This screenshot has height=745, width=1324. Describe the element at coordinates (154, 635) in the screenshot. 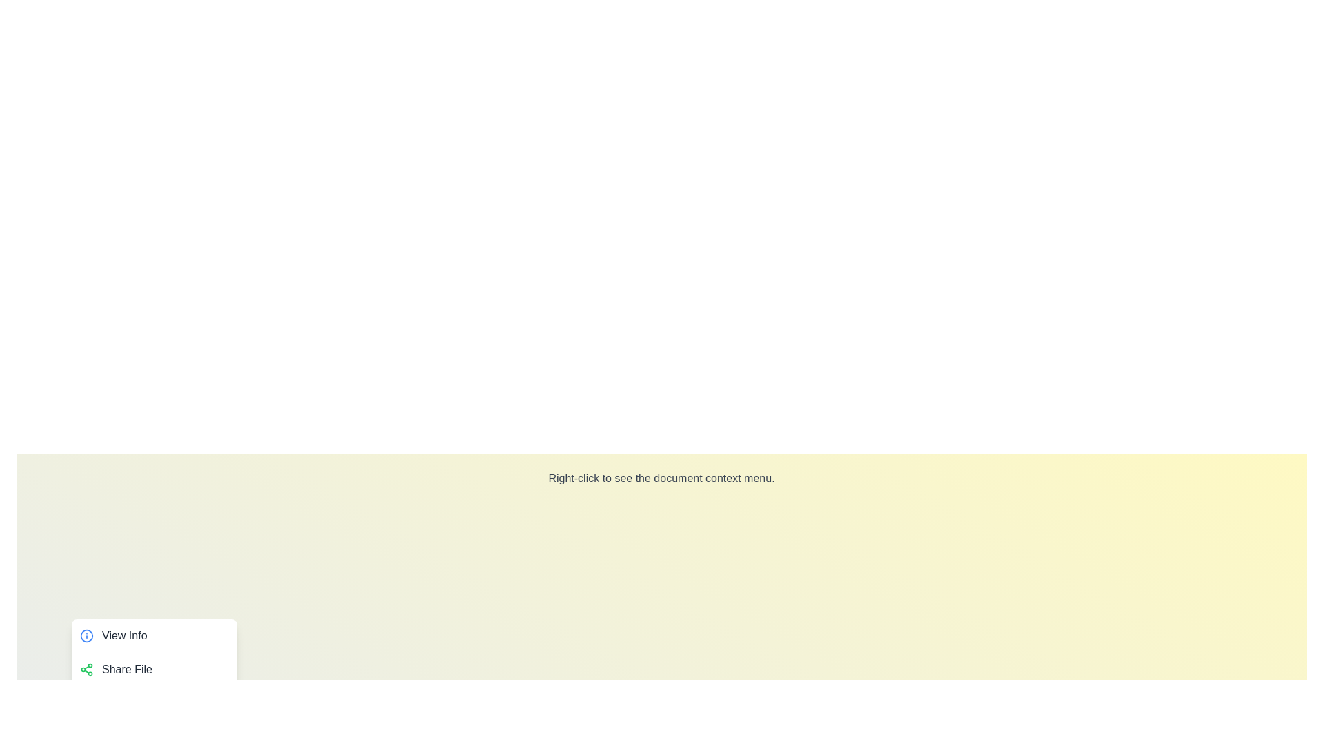

I see `the 'View Info' option in the context menu` at that location.